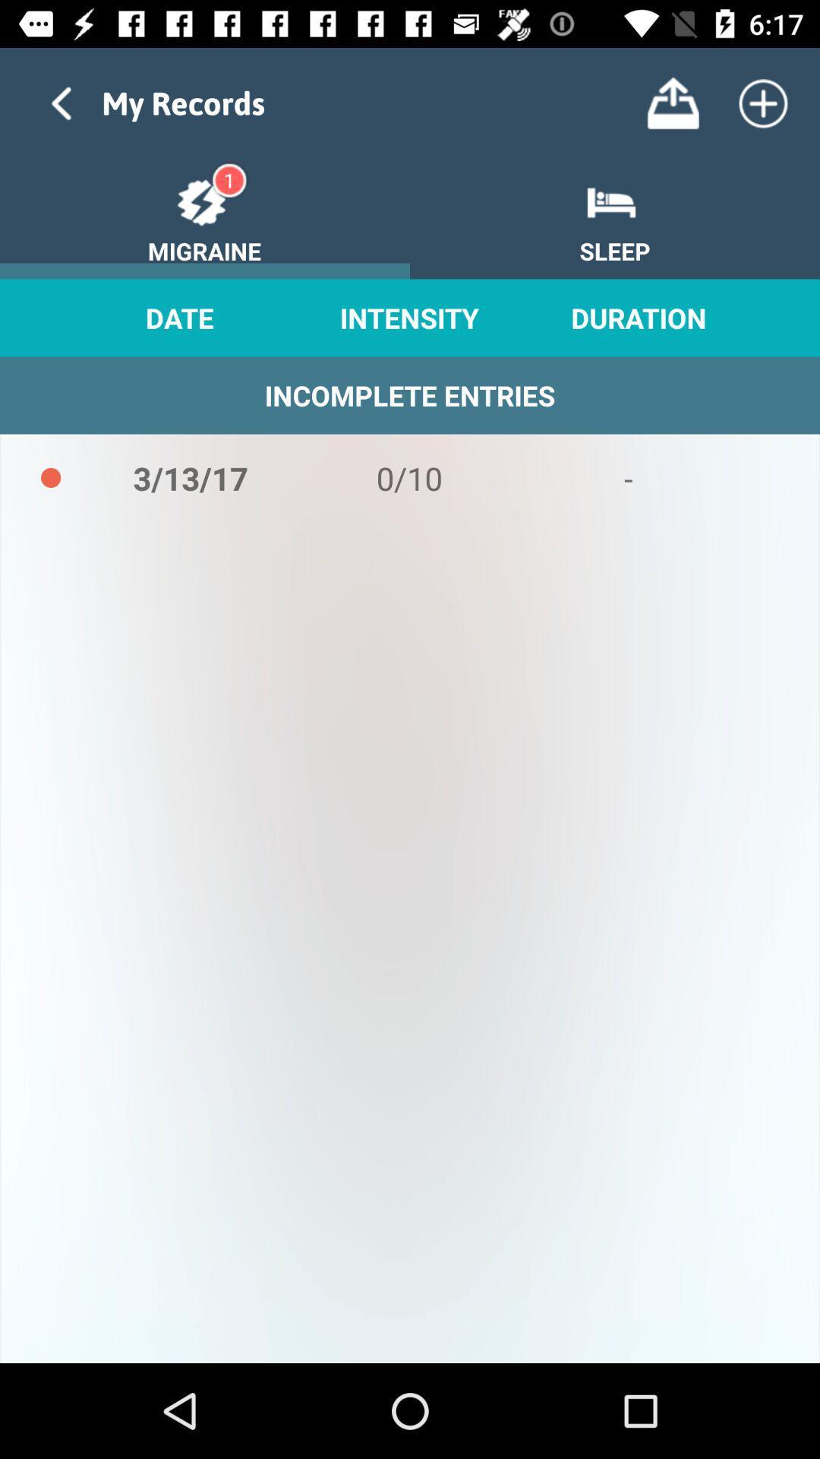 The width and height of the screenshot is (820, 1459). I want to click on the icon to the right of my records, so click(672, 103).